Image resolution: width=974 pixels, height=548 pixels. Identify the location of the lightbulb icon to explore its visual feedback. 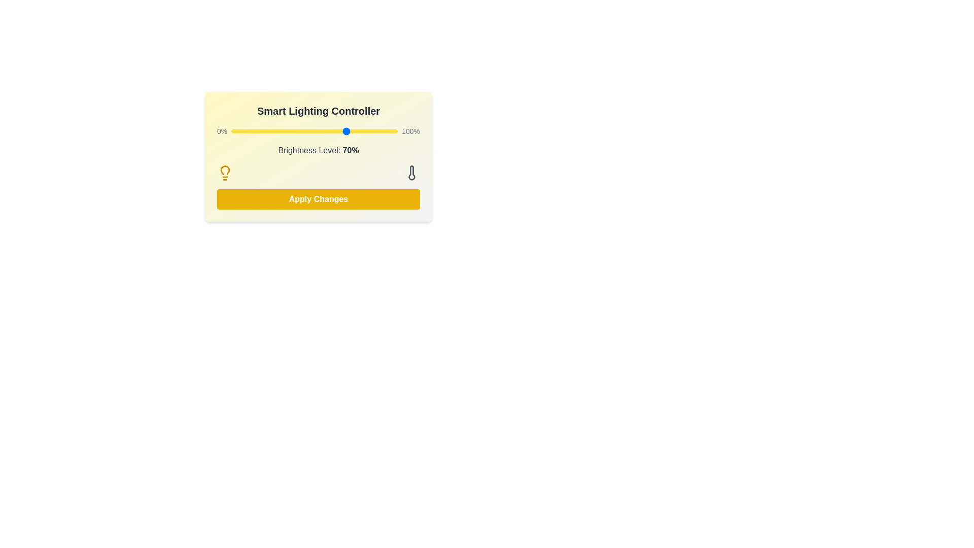
(225, 172).